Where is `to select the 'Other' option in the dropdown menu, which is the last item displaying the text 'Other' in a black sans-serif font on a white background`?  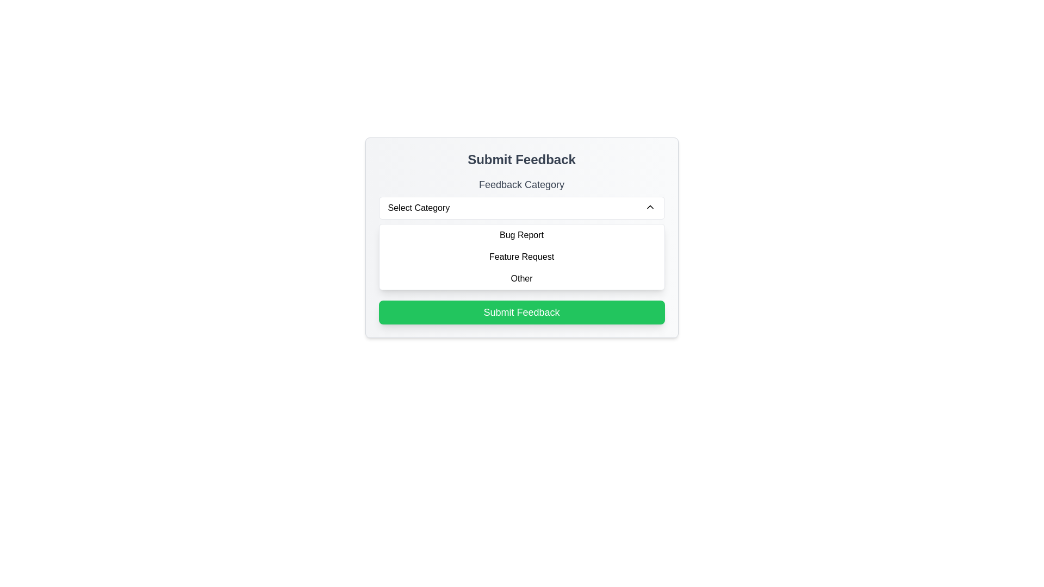 to select the 'Other' option in the dropdown menu, which is the last item displaying the text 'Other' in a black sans-serif font on a white background is located at coordinates (521, 278).